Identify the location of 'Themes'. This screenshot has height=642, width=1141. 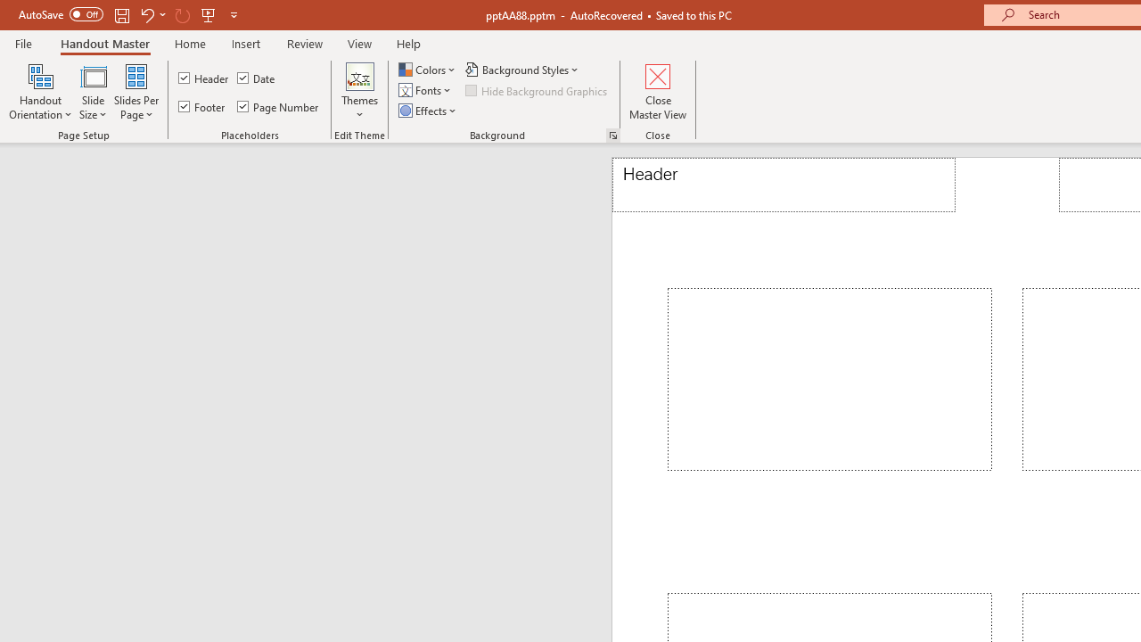
(359, 92).